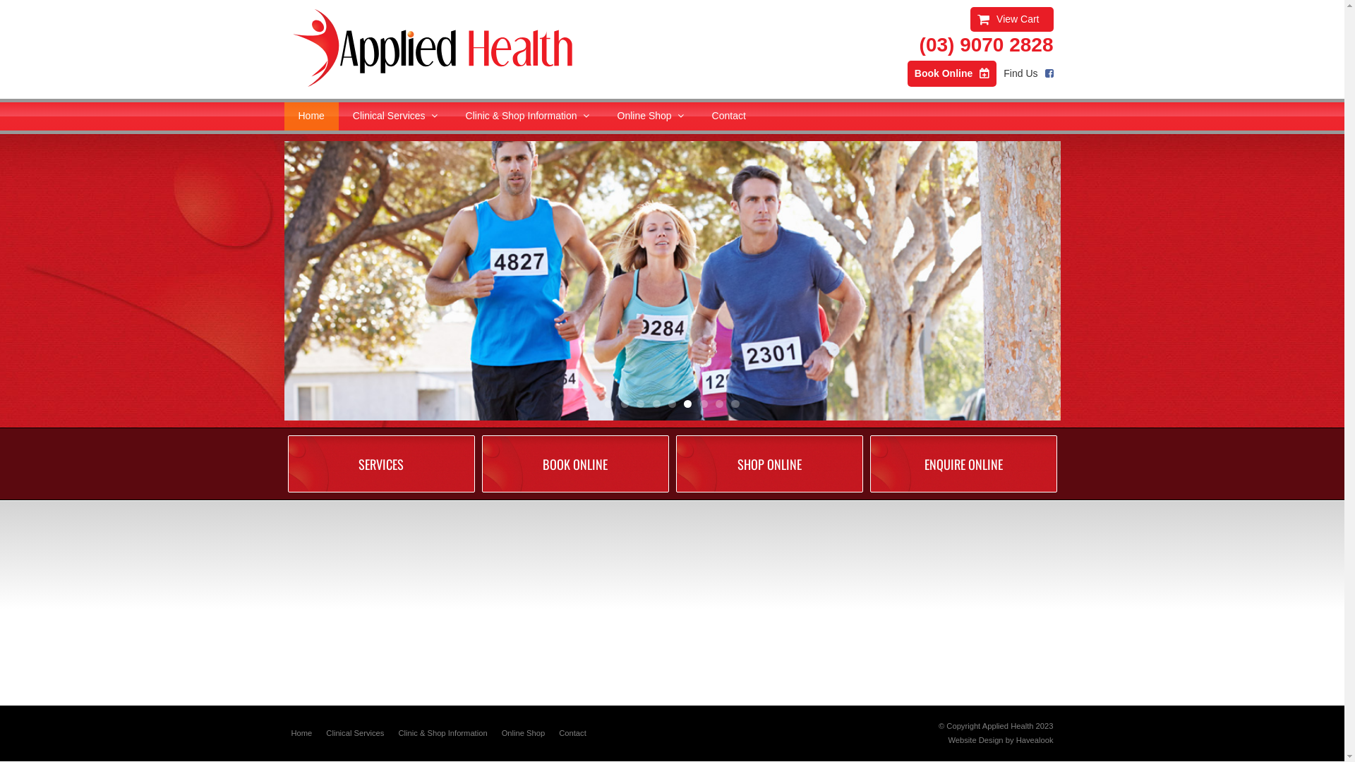 This screenshot has height=762, width=1355. I want to click on 'Contact', so click(697, 116).